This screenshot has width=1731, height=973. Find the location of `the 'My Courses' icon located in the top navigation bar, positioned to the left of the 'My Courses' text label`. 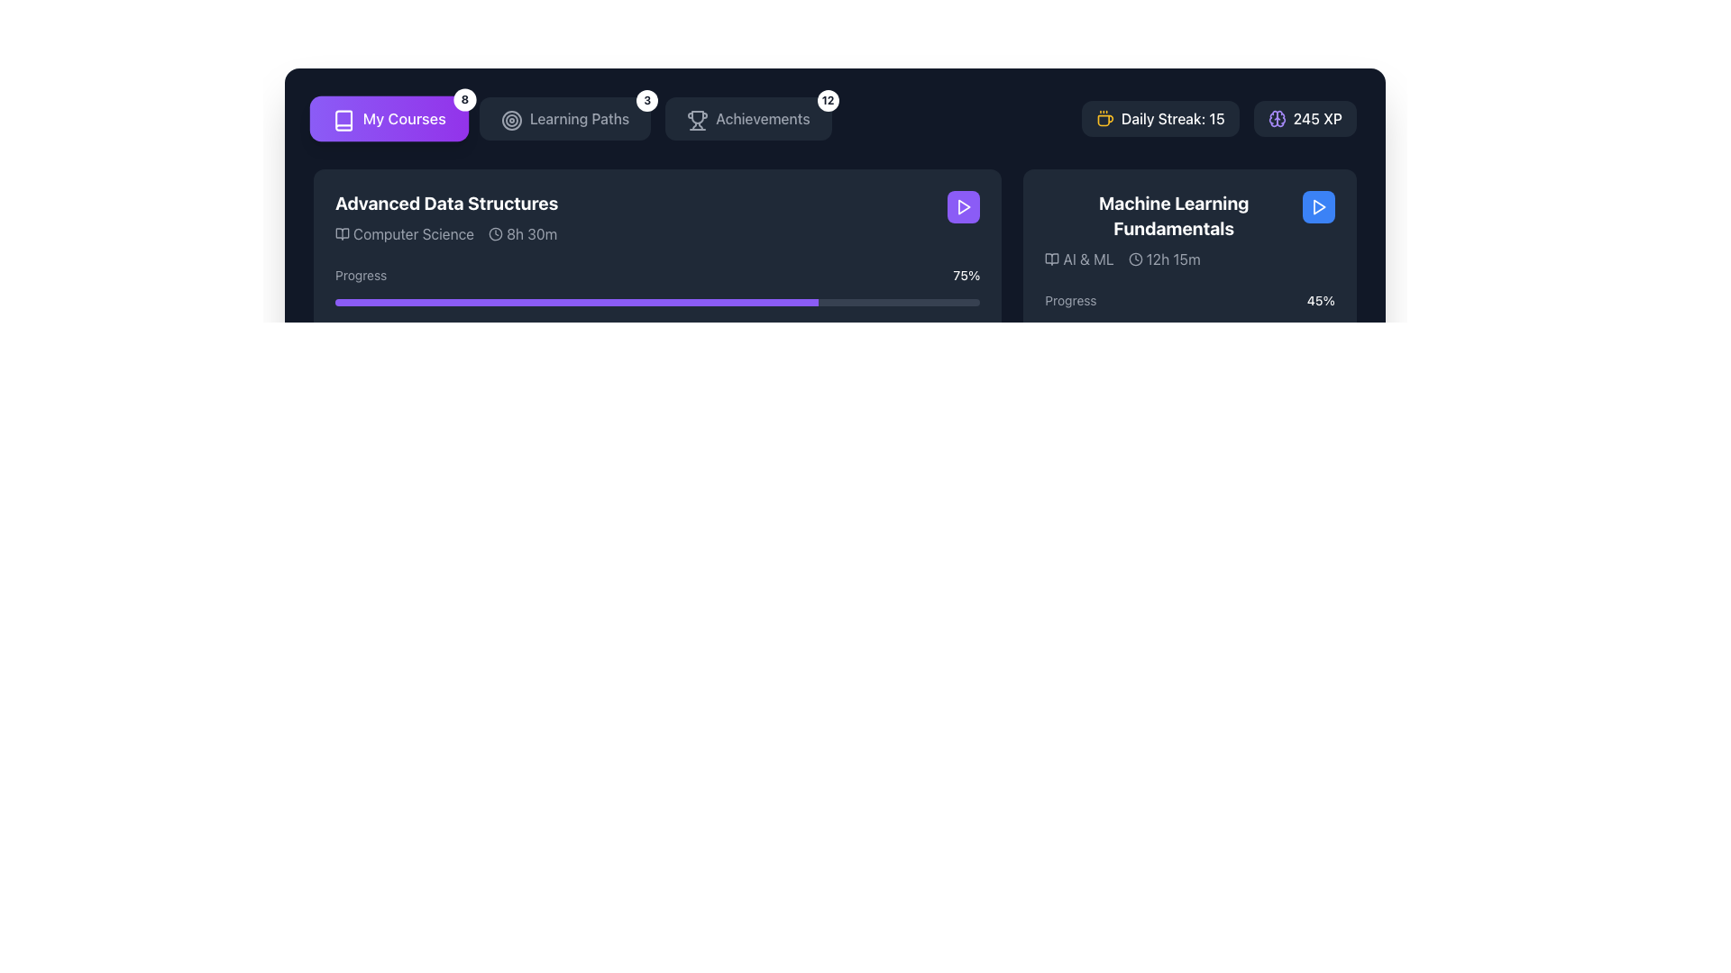

the 'My Courses' icon located in the top navigation bar, positioned to the left of the 'My Courses' text label is located at coordinates (343, 121).